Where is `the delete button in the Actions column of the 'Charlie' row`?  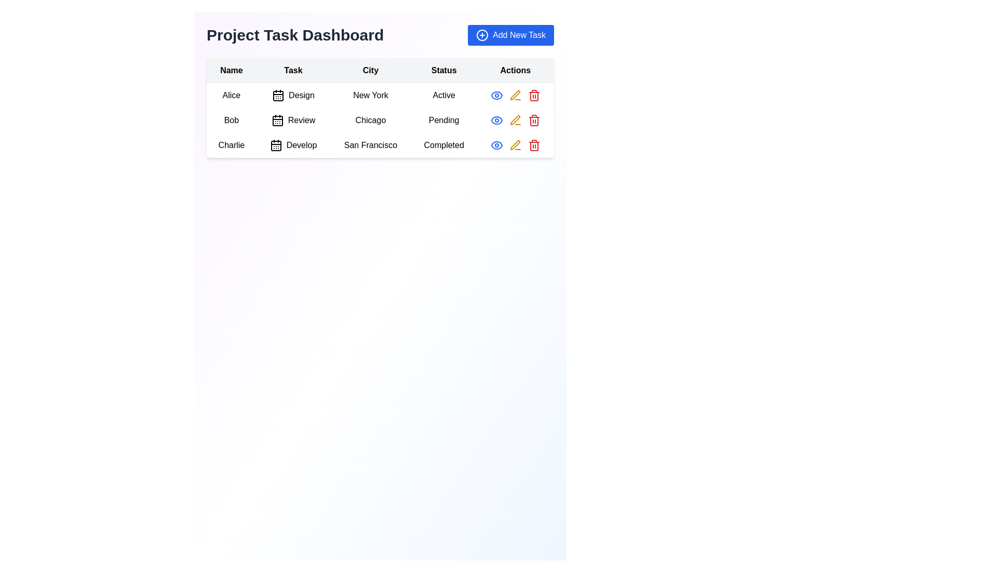 the delete button in the Actions column of the 'Charlie' row is located at coordinates (534, 145).